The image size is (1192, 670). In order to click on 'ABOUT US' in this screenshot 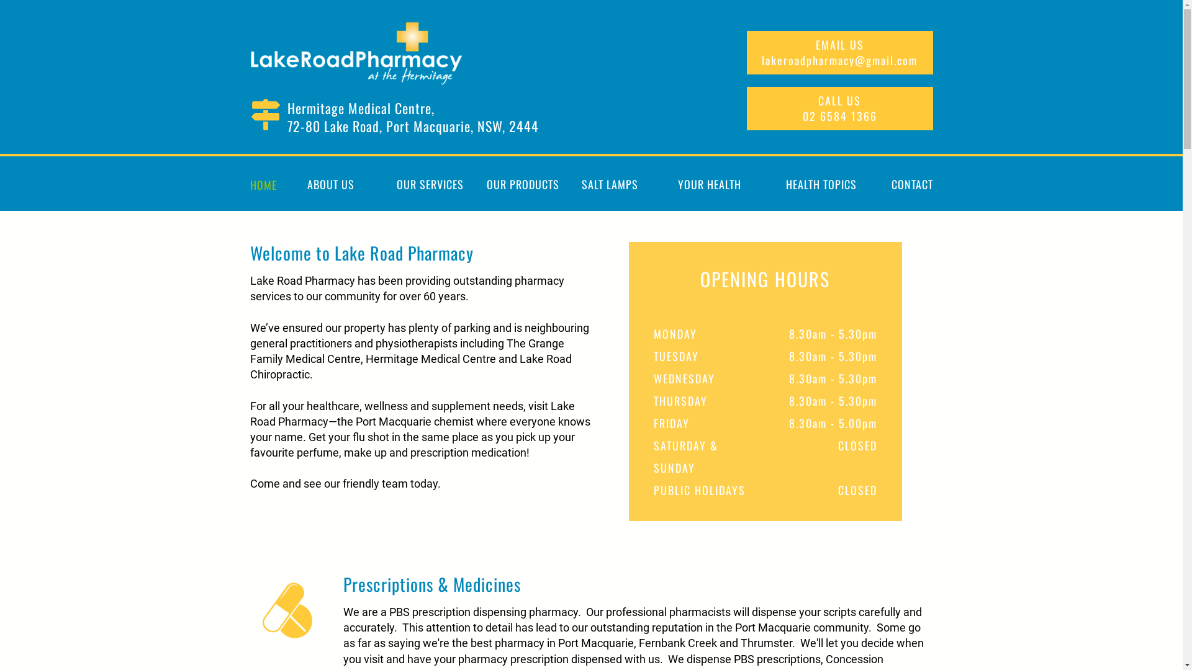, I will do `click(330, 184)`.